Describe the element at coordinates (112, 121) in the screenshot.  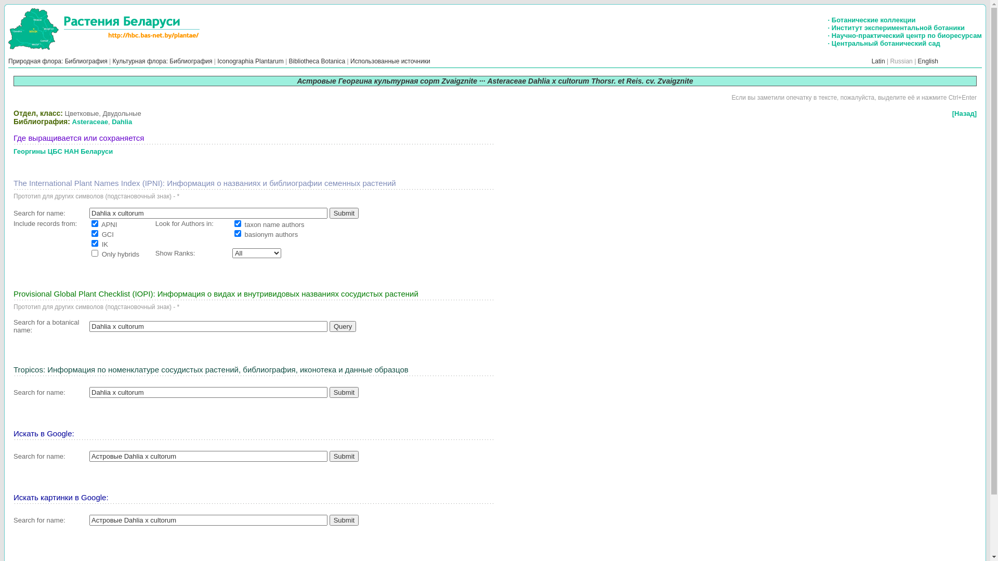
I see `'Dahlia'` at that location.